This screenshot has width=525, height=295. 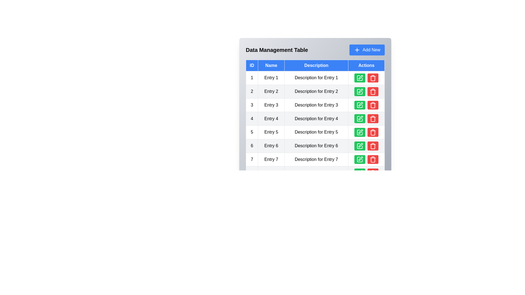 I want to click on the 'Add New' button to add a new entry, so click(x=367, y=50).